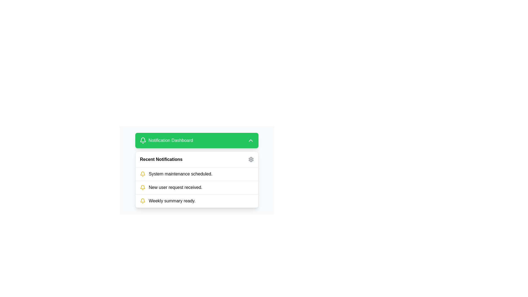  I want to click on the gear icon in the 'Recent Notifications' header, so click(251, 159).